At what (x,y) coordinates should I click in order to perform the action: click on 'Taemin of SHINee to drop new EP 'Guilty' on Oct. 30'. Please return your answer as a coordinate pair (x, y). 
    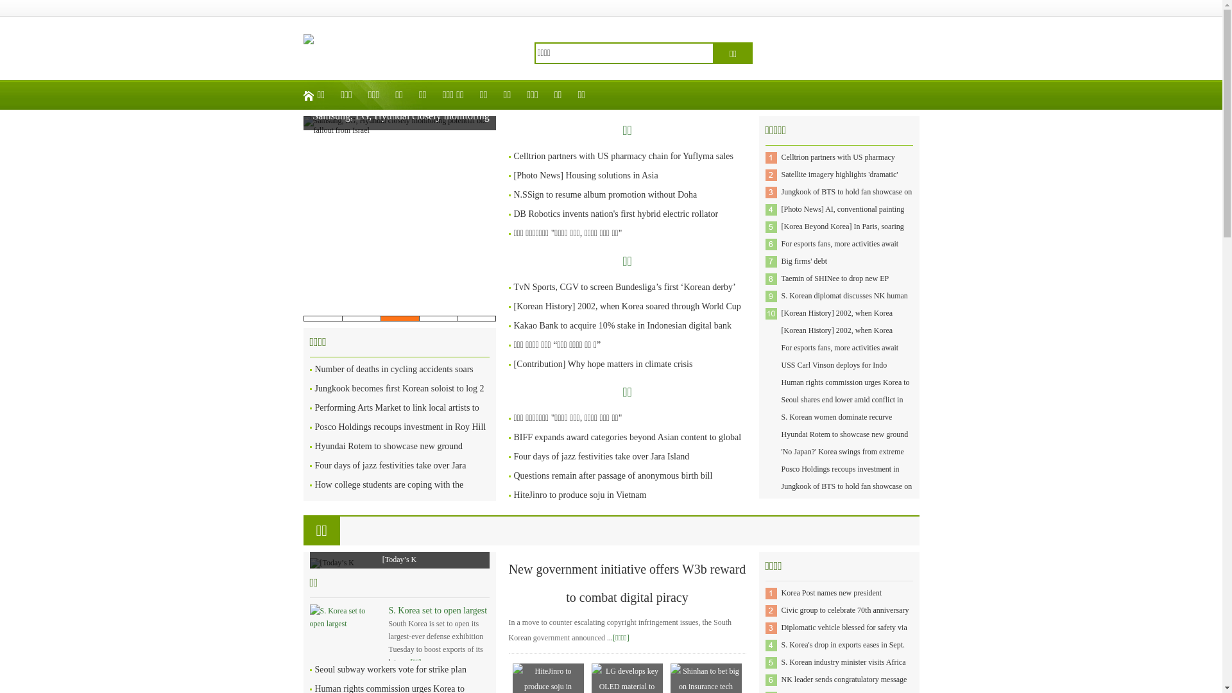
    Looking at the image, I should click on (835, 286).